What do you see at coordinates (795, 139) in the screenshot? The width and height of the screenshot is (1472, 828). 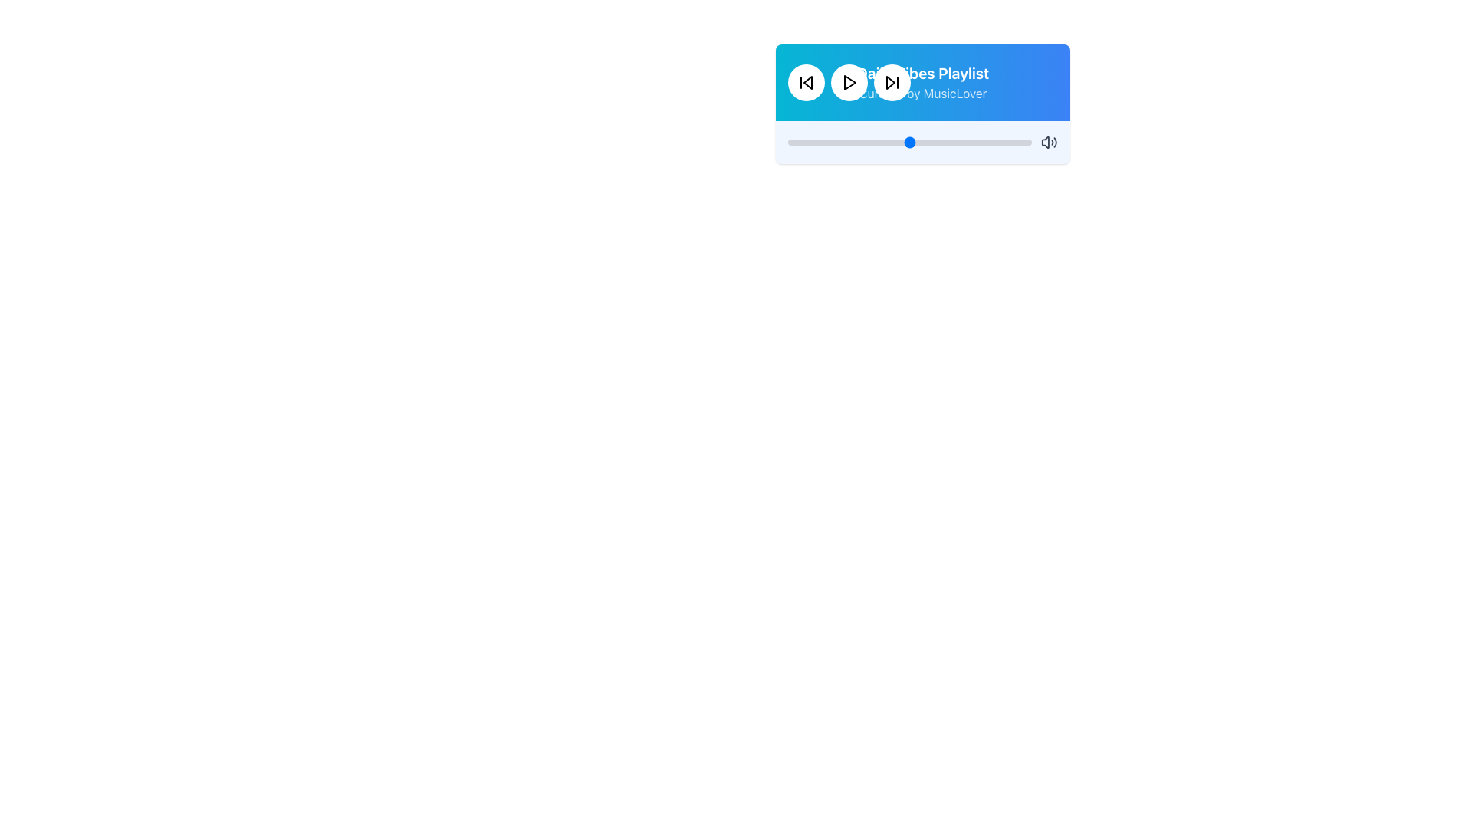 I see `the slider's value` at bounding box center [795, 139].